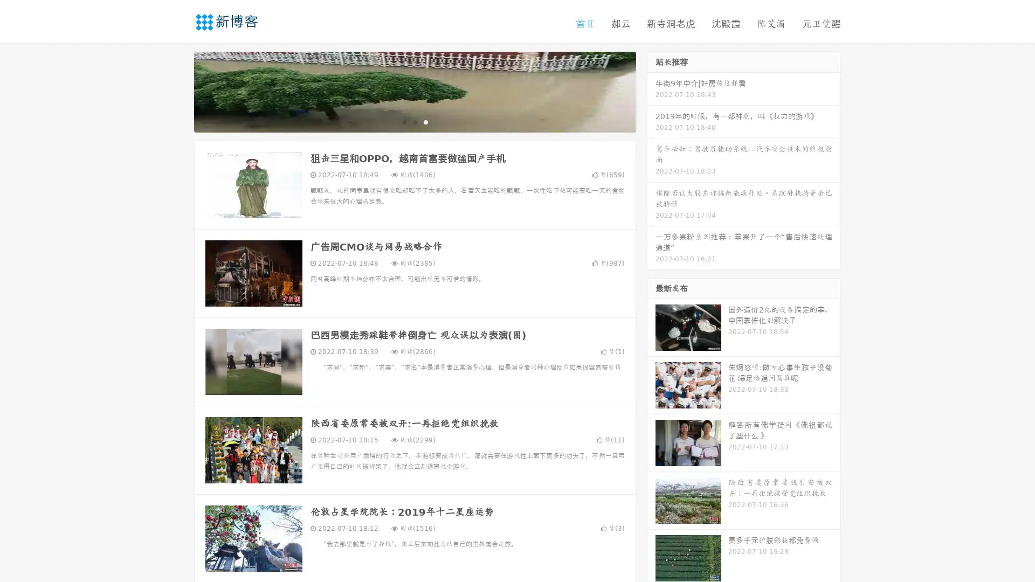 This screenshot has height=582, width=1035. Describe the element at coordinates (651, 91) in the screenshot. I see `Next slide` at that location.